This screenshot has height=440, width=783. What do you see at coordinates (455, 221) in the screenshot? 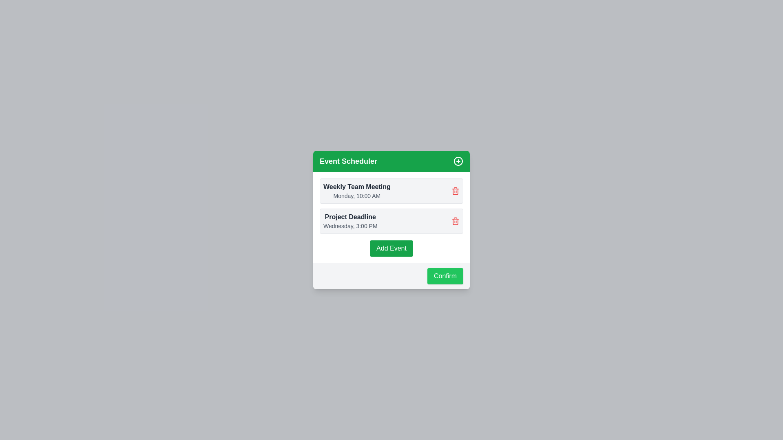
I see `the delete button for the event Project Deadline` at bounding box center [455, 221].